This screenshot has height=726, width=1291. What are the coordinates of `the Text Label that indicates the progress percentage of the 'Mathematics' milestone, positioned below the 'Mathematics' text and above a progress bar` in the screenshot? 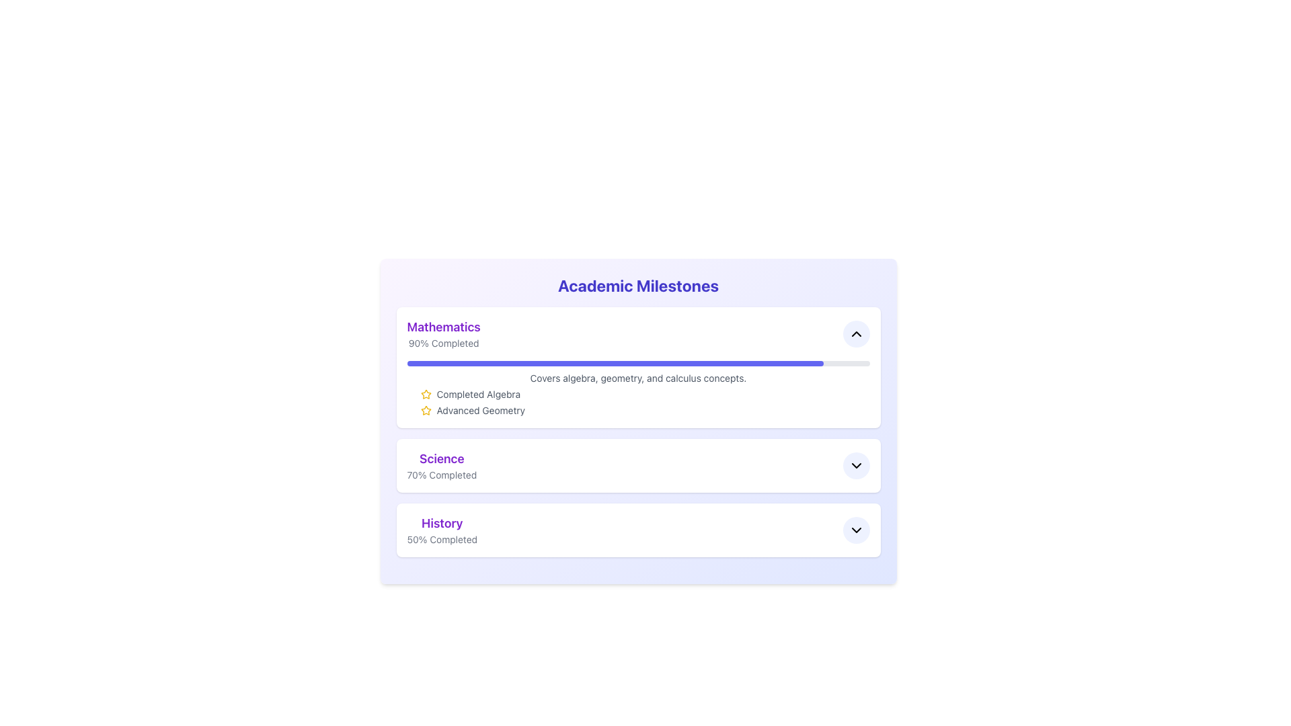 It's located at (444, 342).